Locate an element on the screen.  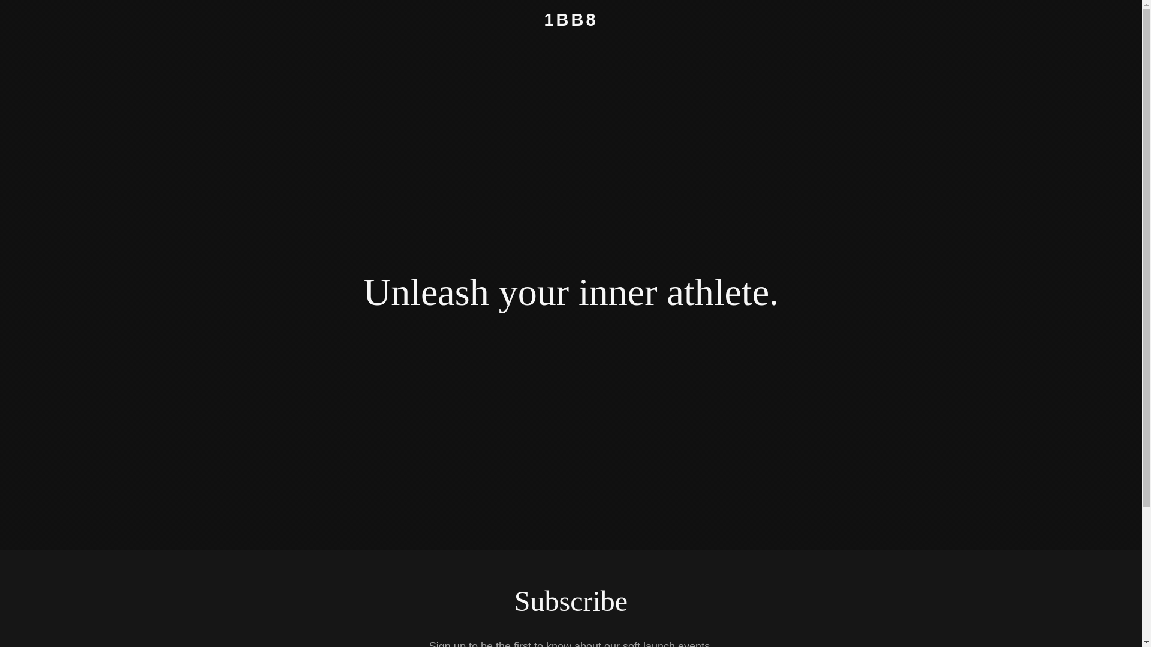
'1BB8' is located at coordinates (570, 22).